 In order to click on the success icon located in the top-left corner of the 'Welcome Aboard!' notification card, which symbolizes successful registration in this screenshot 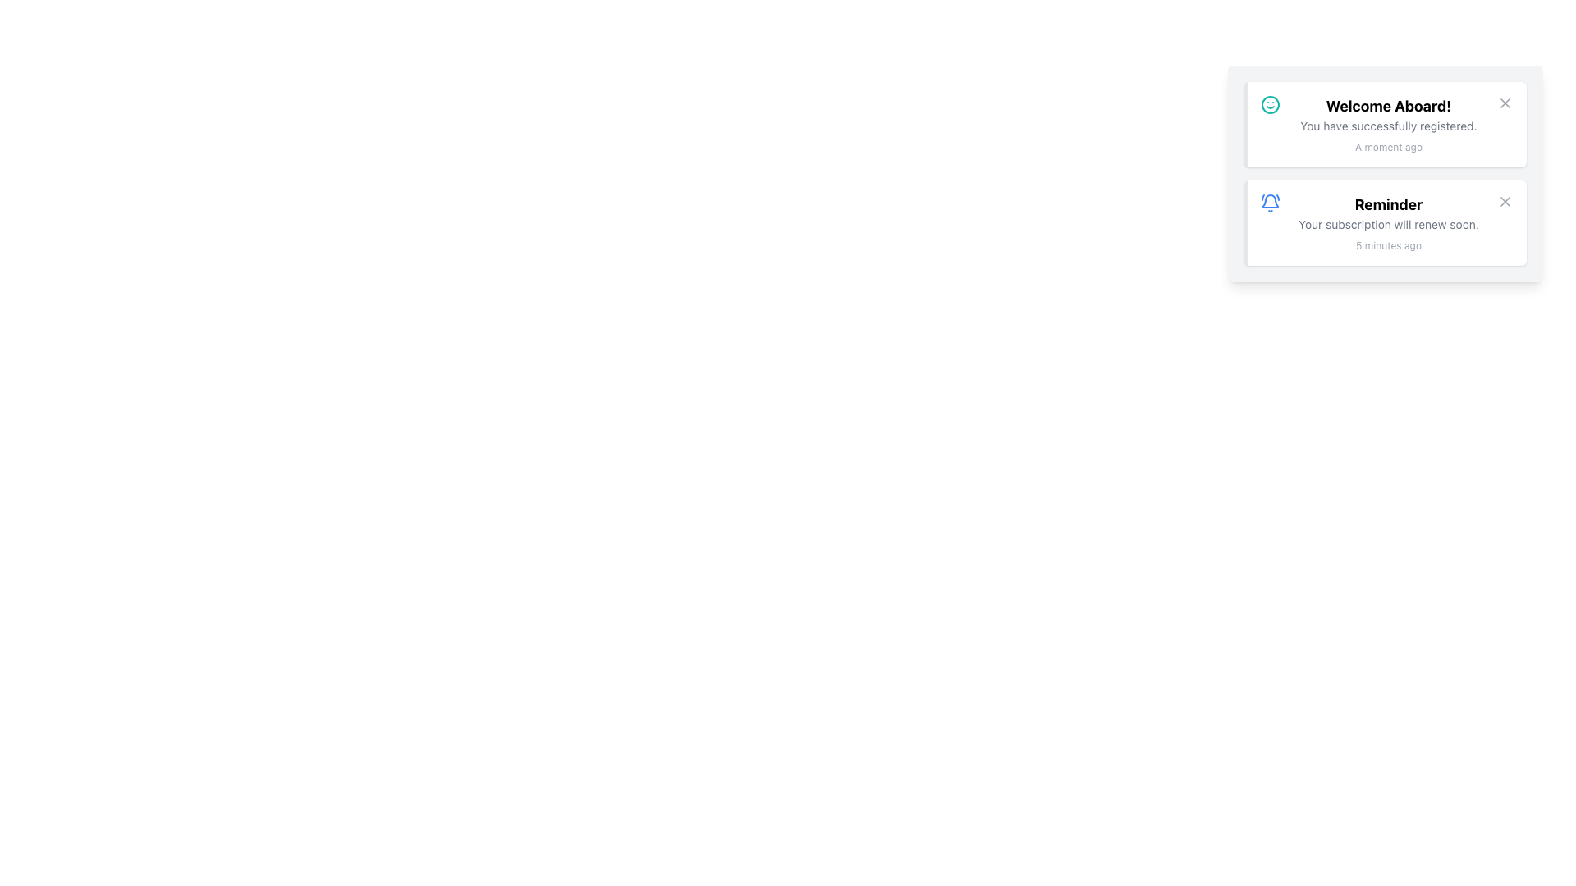, I will do `click(1270, 104)`.